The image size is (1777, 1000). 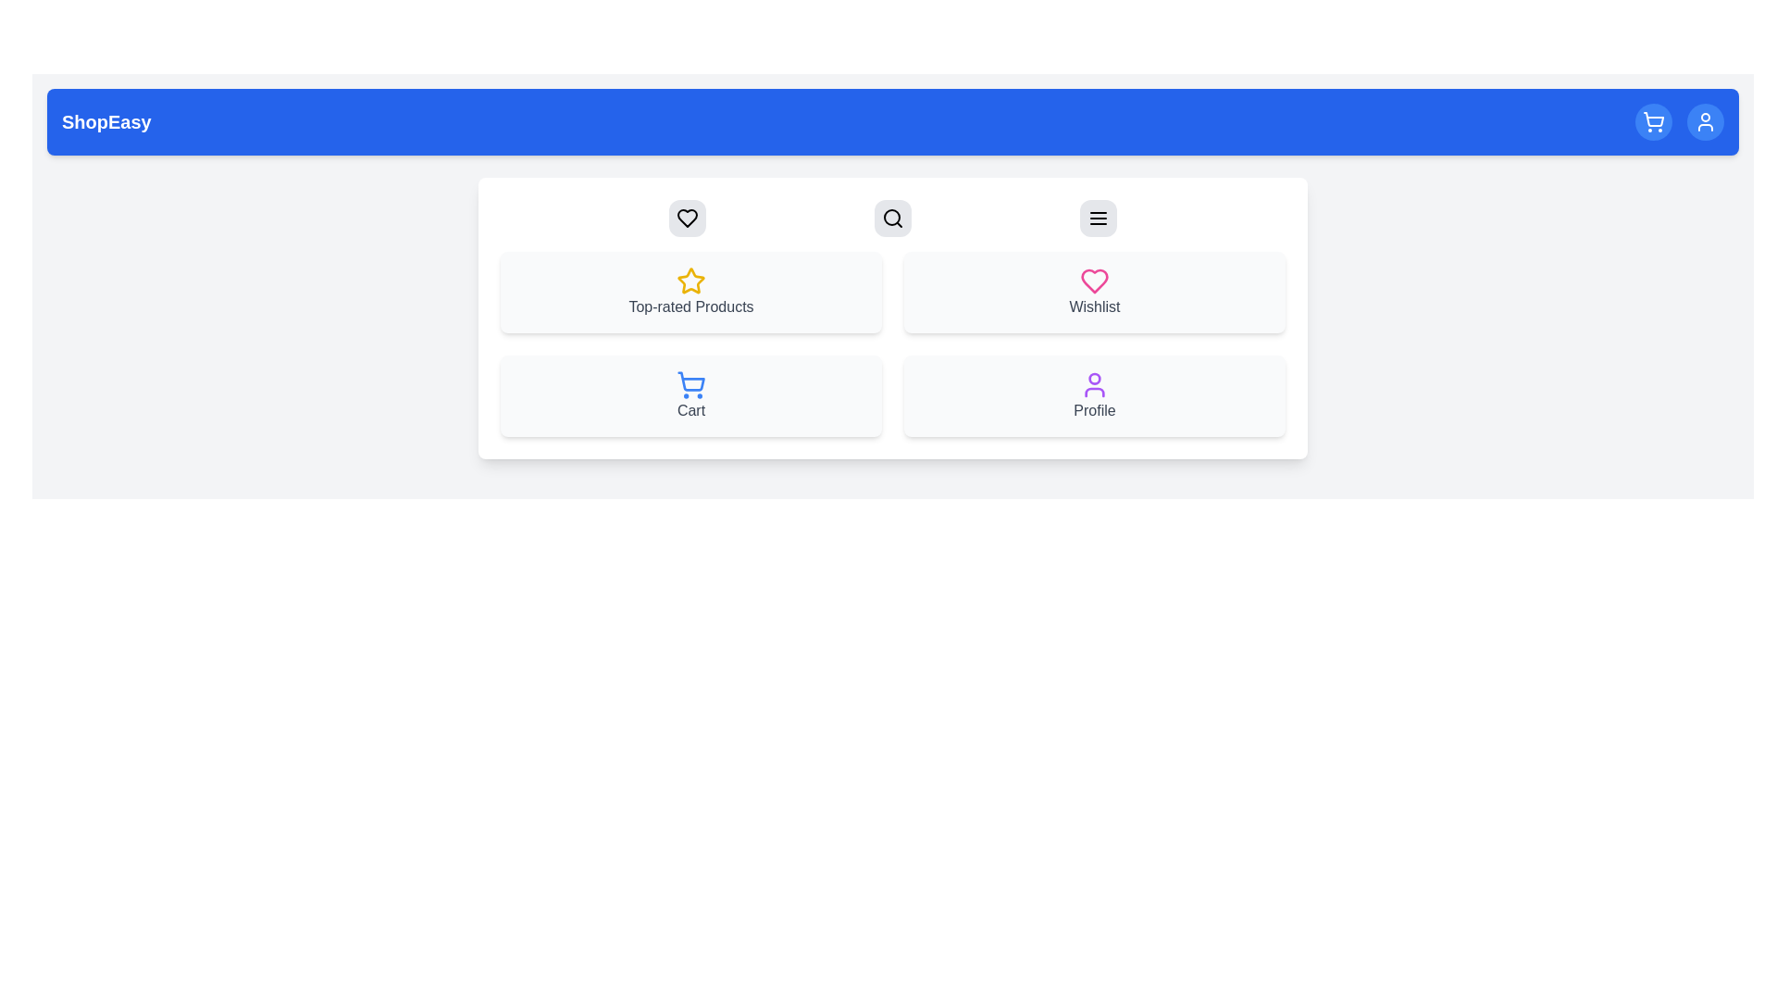 I want to click on the second icon-based button in the upper section of the application interface, so click(x=892, y=217).